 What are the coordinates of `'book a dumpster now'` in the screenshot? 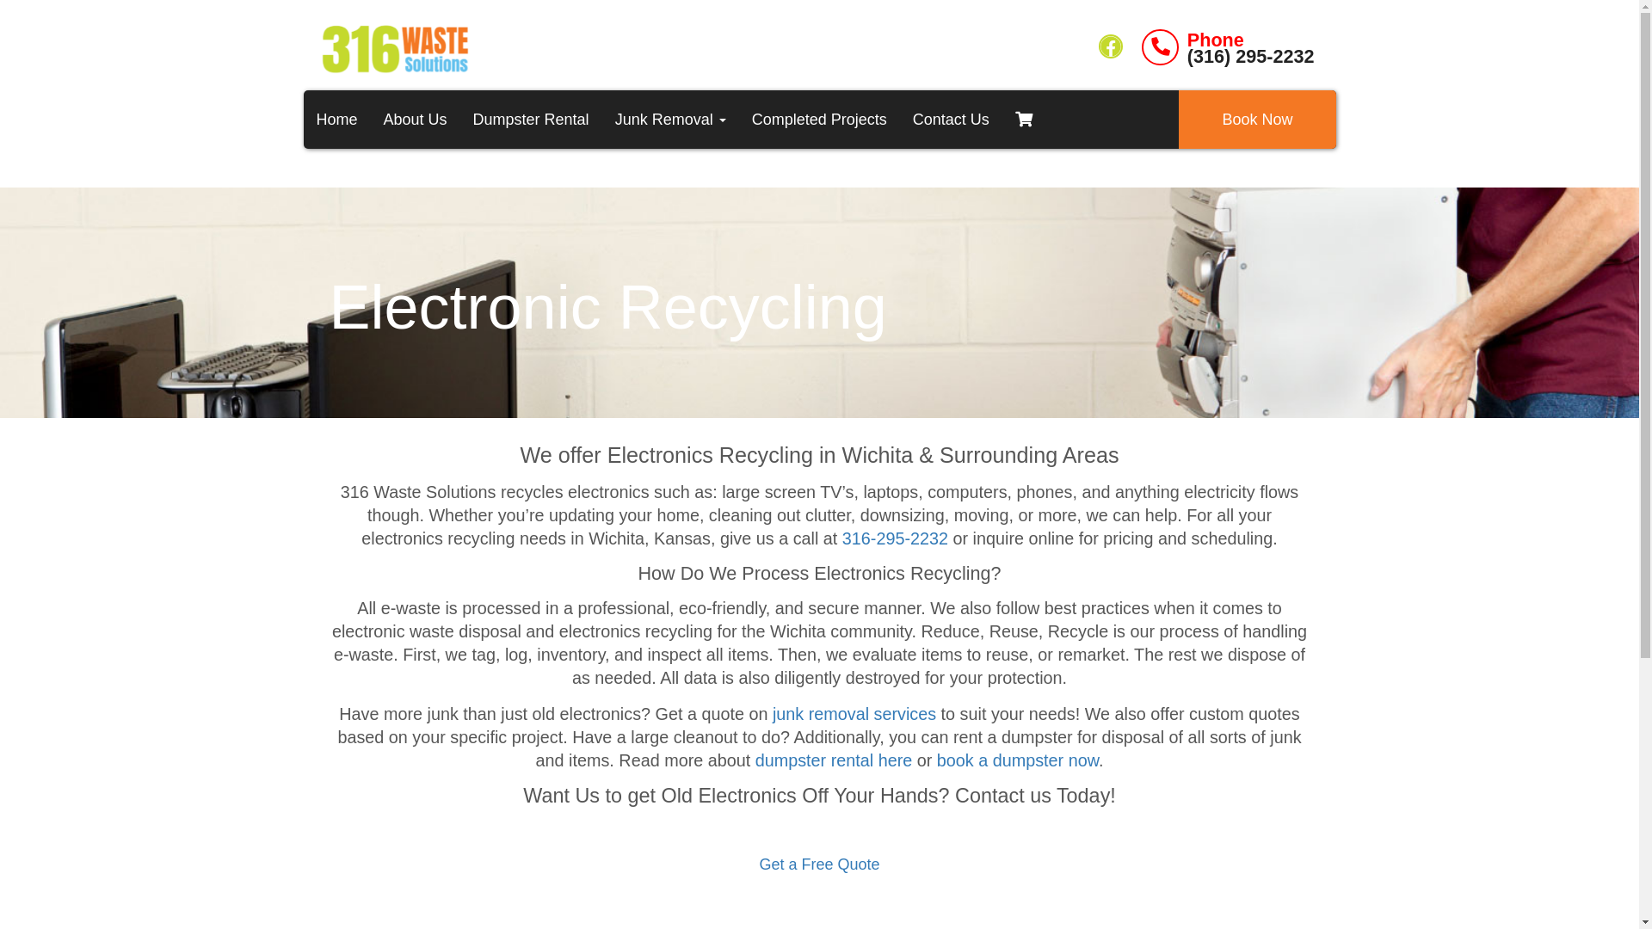 It's located at (1017, 759).